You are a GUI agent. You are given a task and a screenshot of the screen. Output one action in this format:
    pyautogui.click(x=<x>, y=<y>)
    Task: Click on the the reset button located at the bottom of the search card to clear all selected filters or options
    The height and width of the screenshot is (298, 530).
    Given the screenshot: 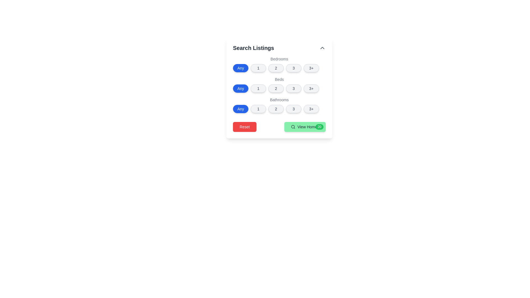 What is the action you would take?
    pyautogui.click(x=244, y=127)
    